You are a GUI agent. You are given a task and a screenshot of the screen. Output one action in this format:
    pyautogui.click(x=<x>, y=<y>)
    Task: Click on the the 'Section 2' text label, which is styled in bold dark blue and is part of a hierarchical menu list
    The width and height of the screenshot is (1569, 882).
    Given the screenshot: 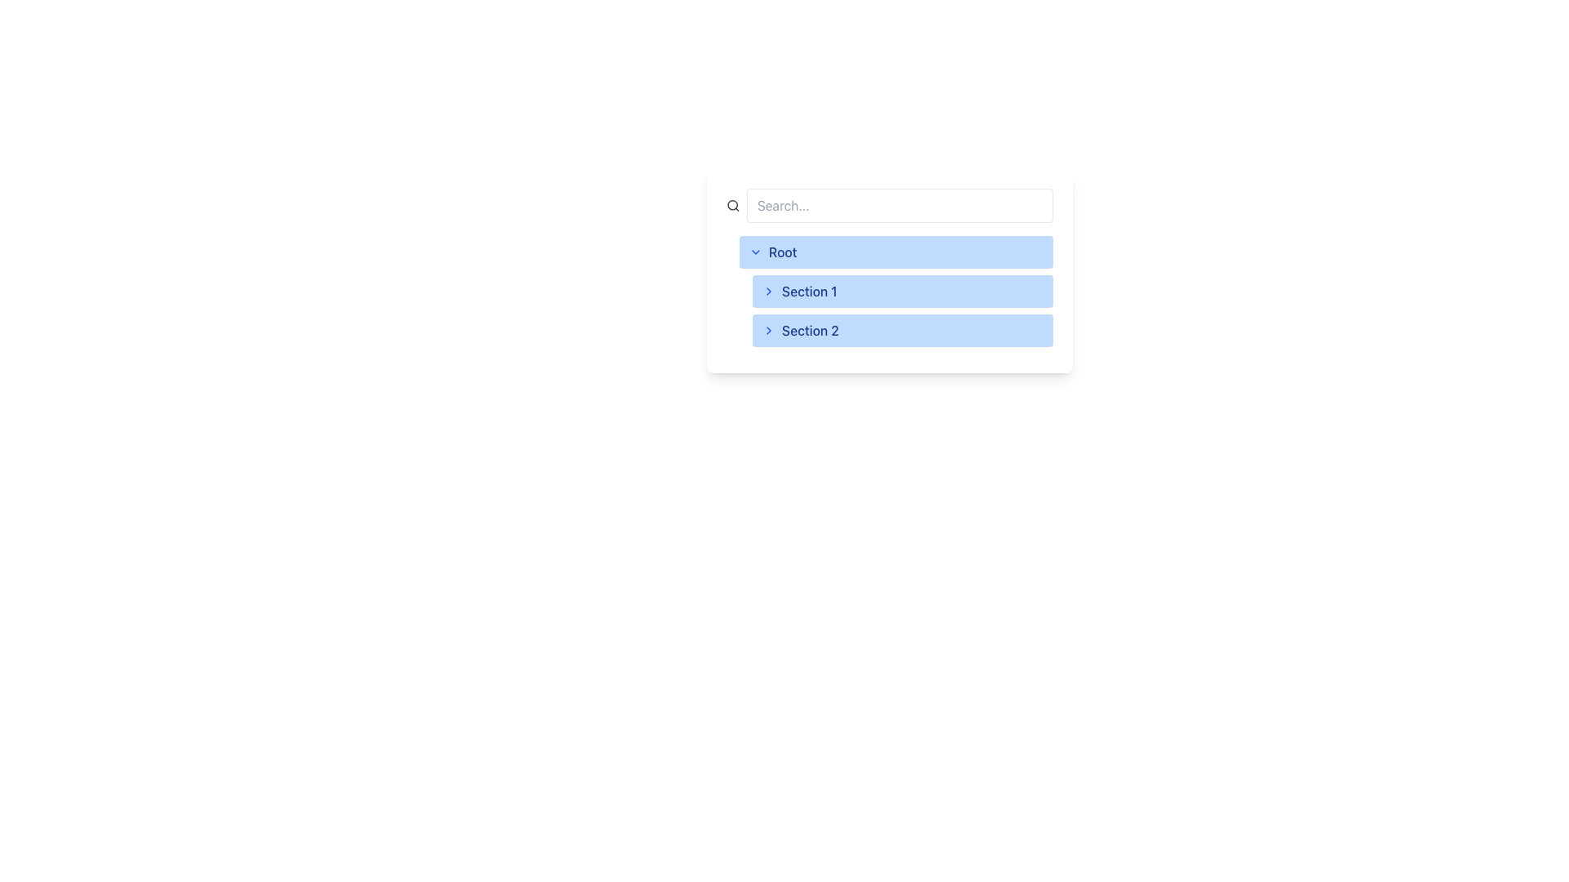 What is the action you would take?
    pyautogui.click(x=810, y=331)
    